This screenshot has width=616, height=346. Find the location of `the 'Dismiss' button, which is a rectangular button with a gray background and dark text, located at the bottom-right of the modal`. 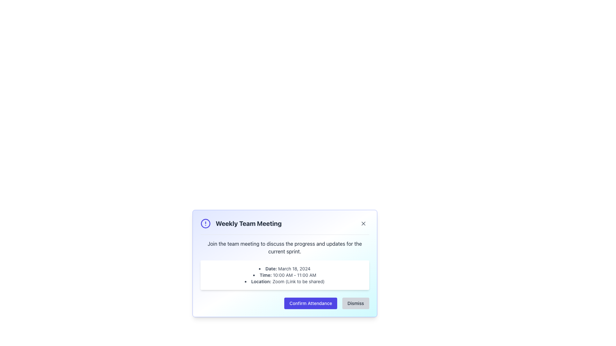

the 'Dismiss' button, which is a rectangular button with a gray background and dark text, located at the bottom-right of the modal is located at coordinates (355, 303).